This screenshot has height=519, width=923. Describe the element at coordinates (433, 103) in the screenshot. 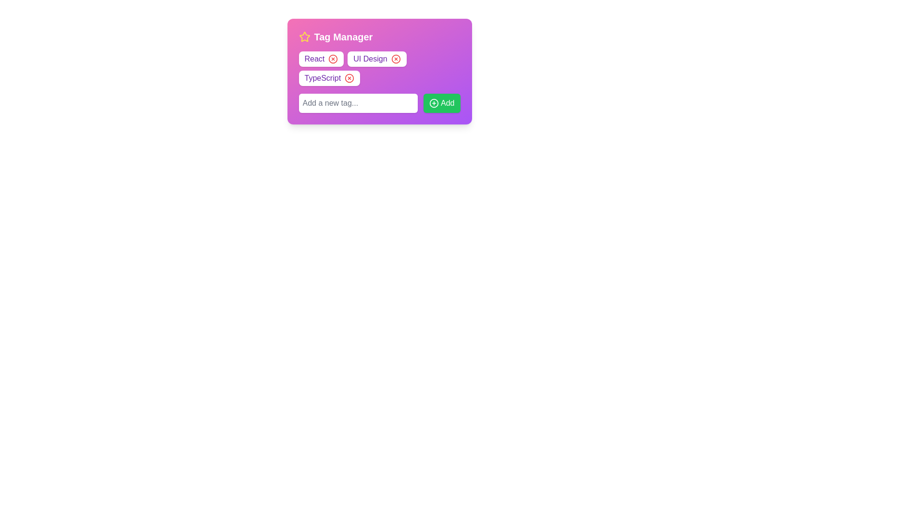

I see `the circular SVG icon with a '+' symbol, which is located inside the green 'Add' button, positioned to the left of the 'Add' text` at that location.